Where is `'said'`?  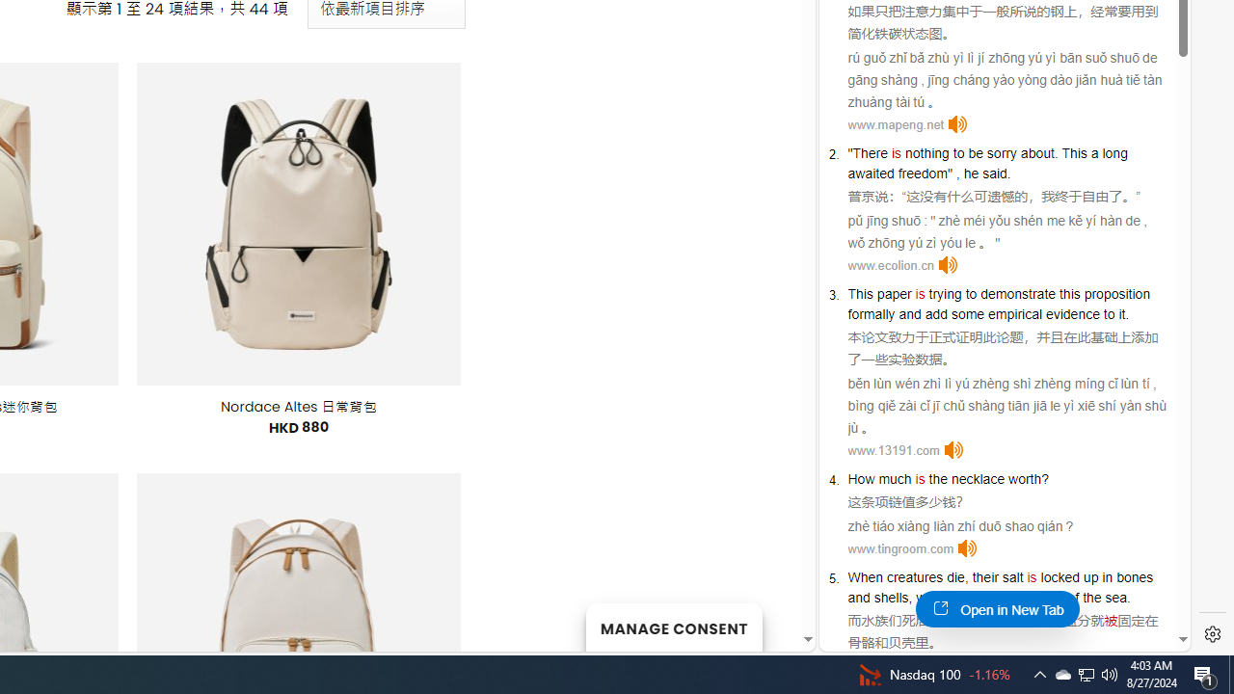 'said' is located at coordinates (994, 173).